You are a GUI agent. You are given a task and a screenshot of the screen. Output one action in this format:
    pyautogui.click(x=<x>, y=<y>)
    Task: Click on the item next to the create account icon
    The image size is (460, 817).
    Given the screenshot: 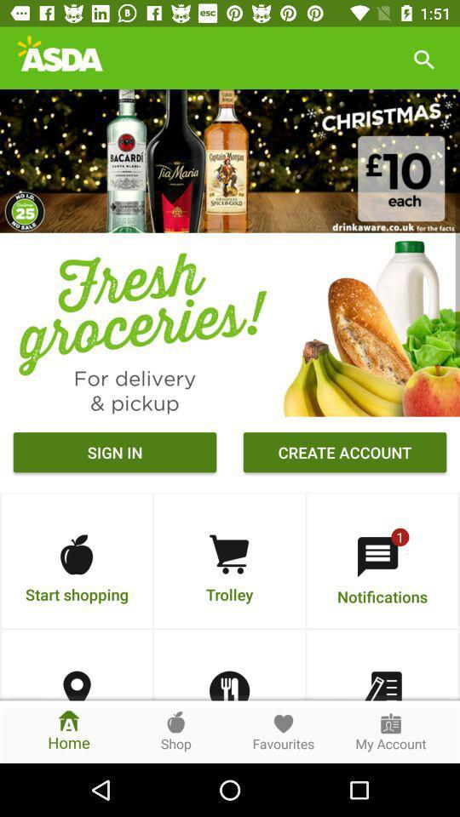 What is the action you would take?
    pyautogui.click(x=115, y=454)
    